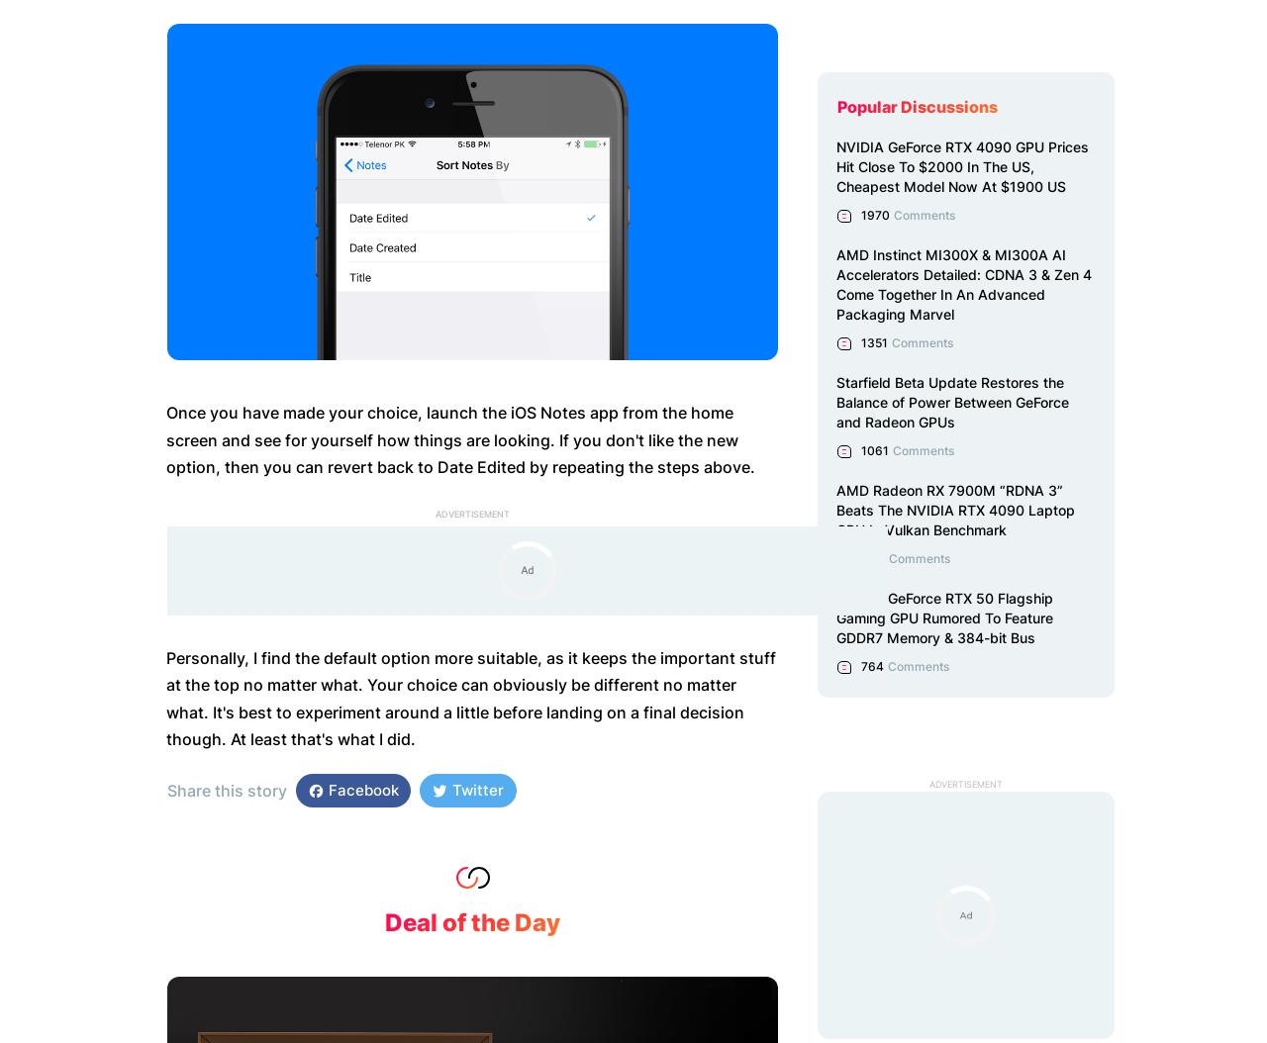  What do you see at coordinates (836, 509) in the screenshot?
I see `'AMD Radeon RX 7900M “RDNA 3” Beats The NVIDIA RTX 4090 Laptop GPU In Vulkan Benchmark'` at bounding box center [836, 509].